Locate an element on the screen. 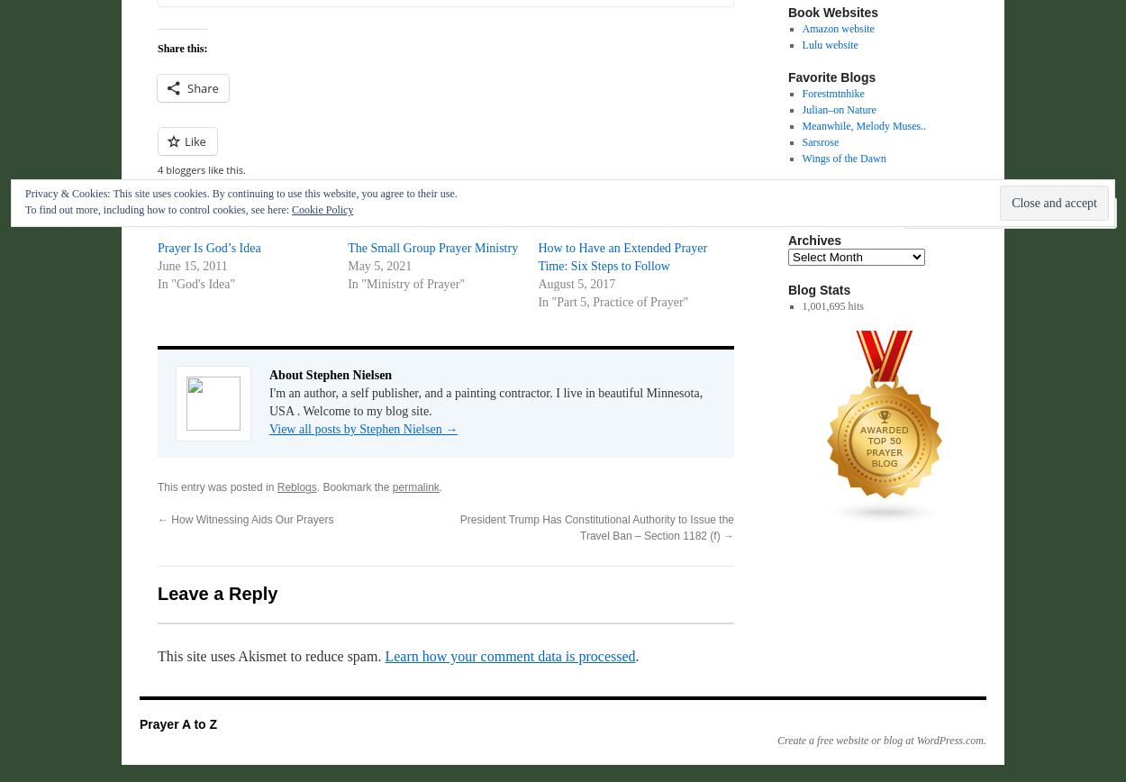 This screenshot has width=1126, height=782. 'Amazon website' is located at coordinates (838, 29).